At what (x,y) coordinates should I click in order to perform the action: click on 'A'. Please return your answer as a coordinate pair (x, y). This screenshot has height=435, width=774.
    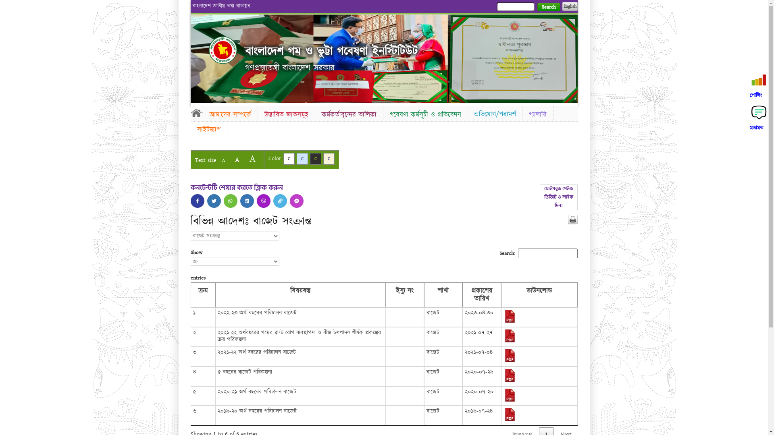
    Looking at the image, I should click on (252, 159).